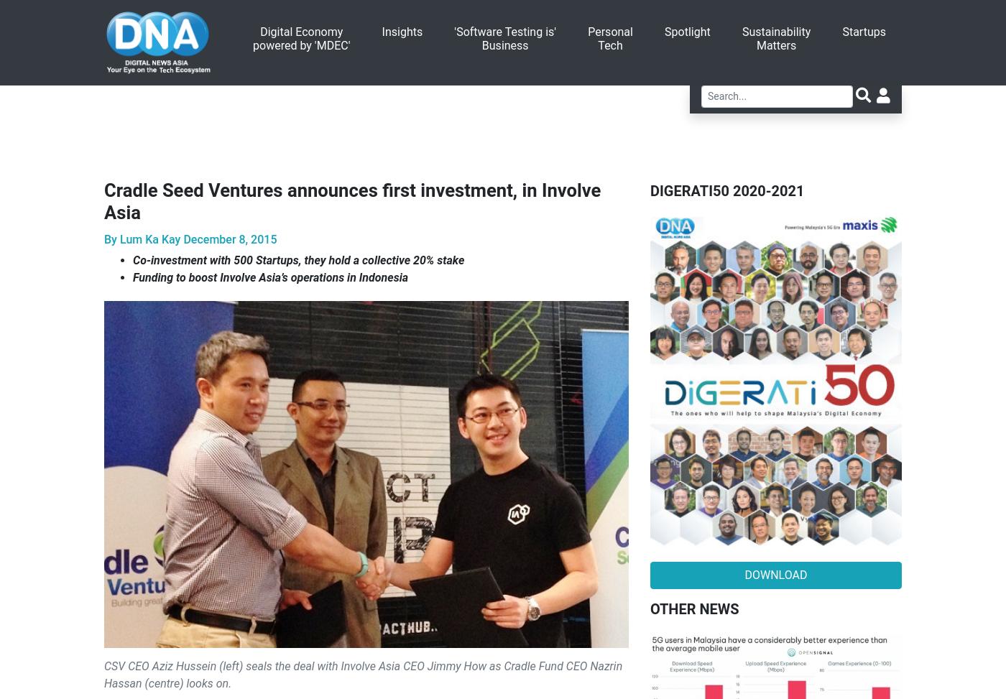 The height and width of the screenshot is (699, 1006). Describe the element at coordinates (693, 608) in the screenshot. I see `'Other News'` at that location.